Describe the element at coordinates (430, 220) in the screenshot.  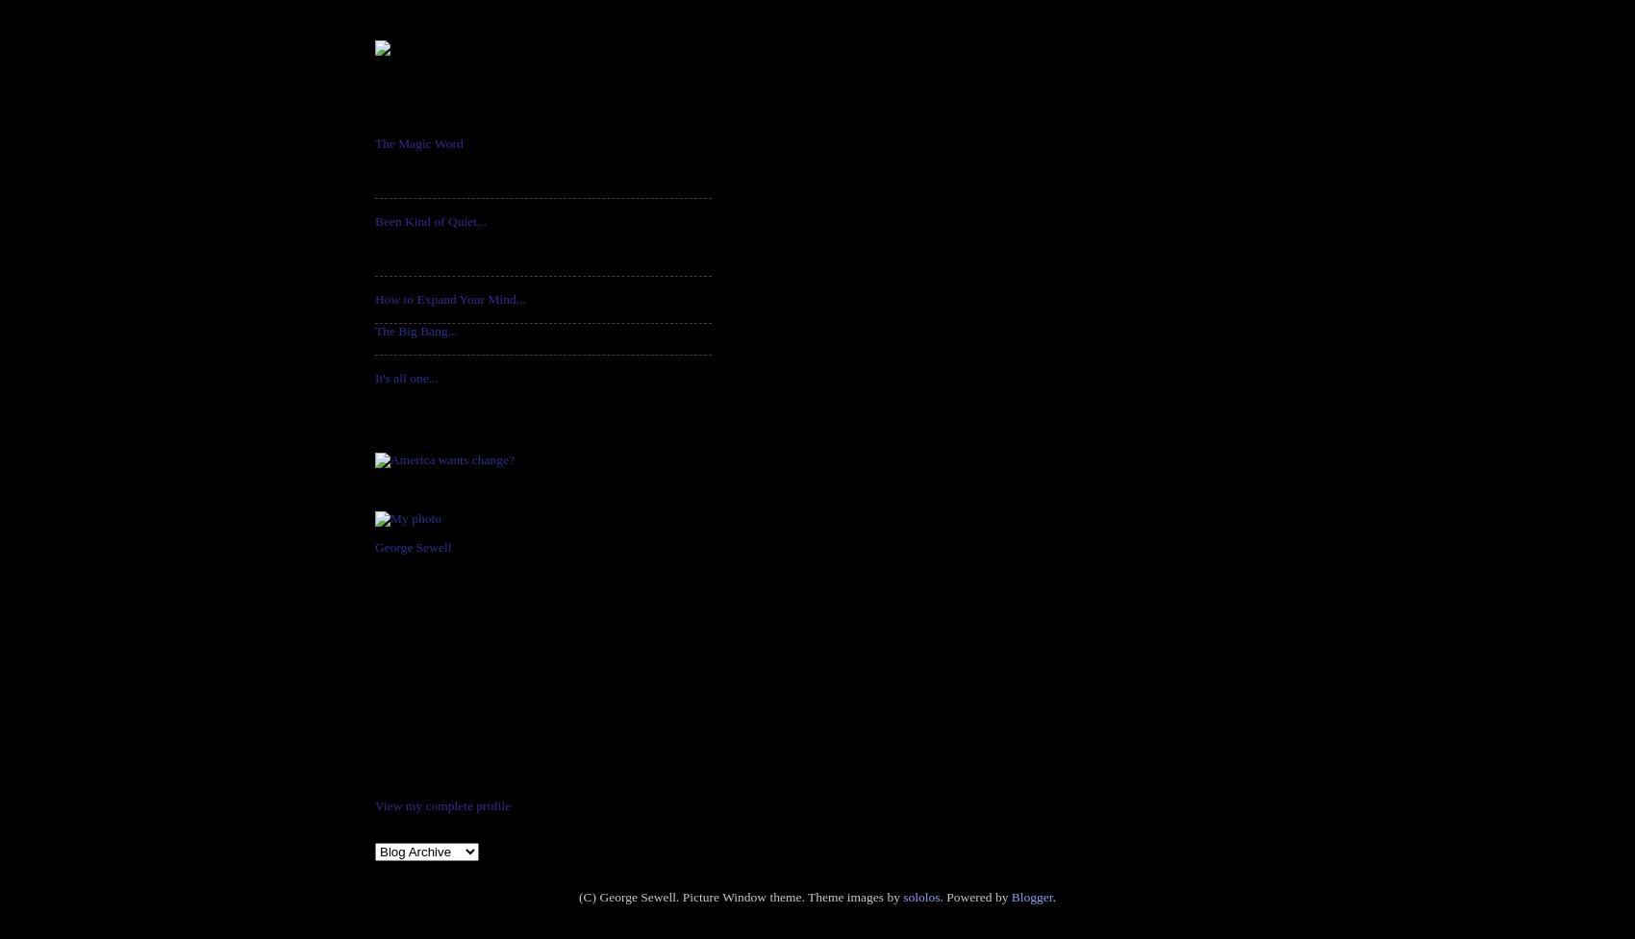
I see `'Been Kind of Quiet...'` at that location.